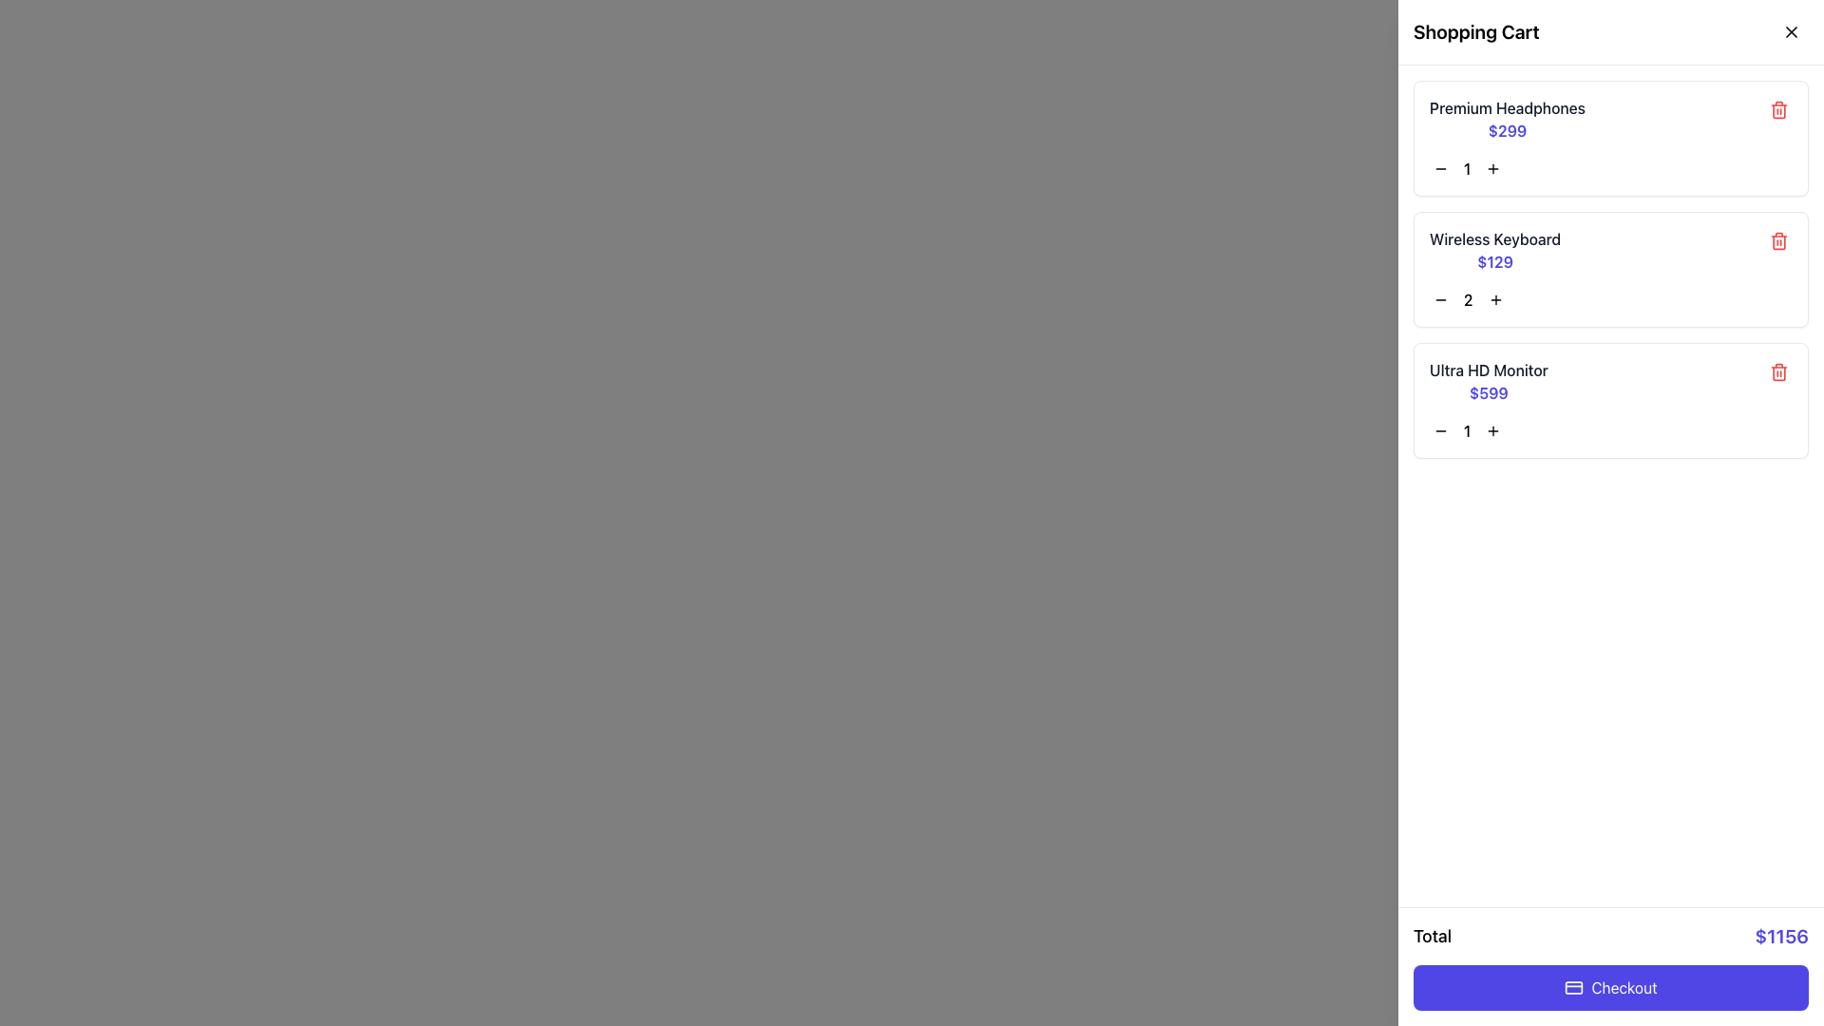  Describe the element at coordinates (1777, 109) in the screenshot. I see `the icon button that represents the action to remove 'Premium Headphones' from the shopping cart` at that location.